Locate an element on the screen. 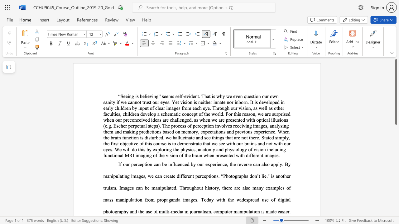  the vertical scrollbar to lower the page content is located at coordinates (396, 140).